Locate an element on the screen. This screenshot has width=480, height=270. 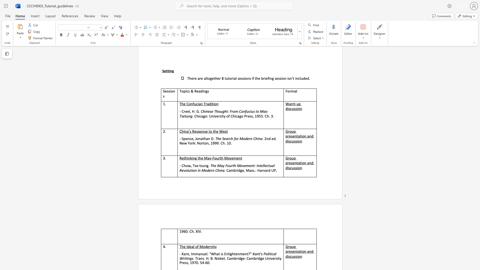
the subset text "cal Writing" within the text "Kant’s Political Writings" is located at coordinates (271, 254).